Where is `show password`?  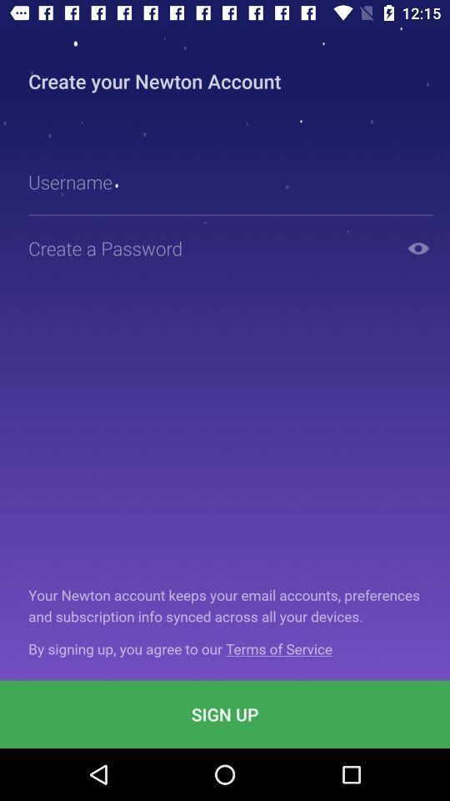 show password is located at coordinates (417, 247).